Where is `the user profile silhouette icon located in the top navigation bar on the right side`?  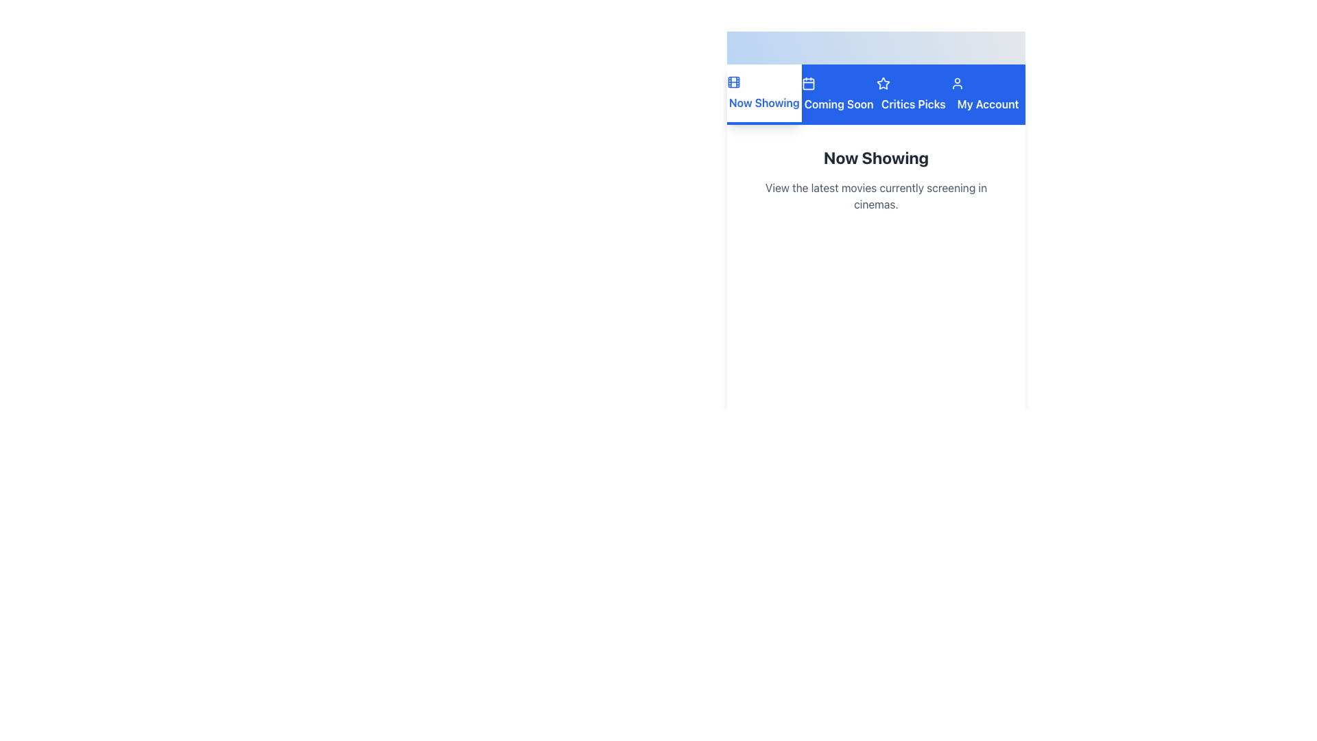 the user profile silhouette icon located in the top navigation bar on the right side is located at coordinates (957, 84).